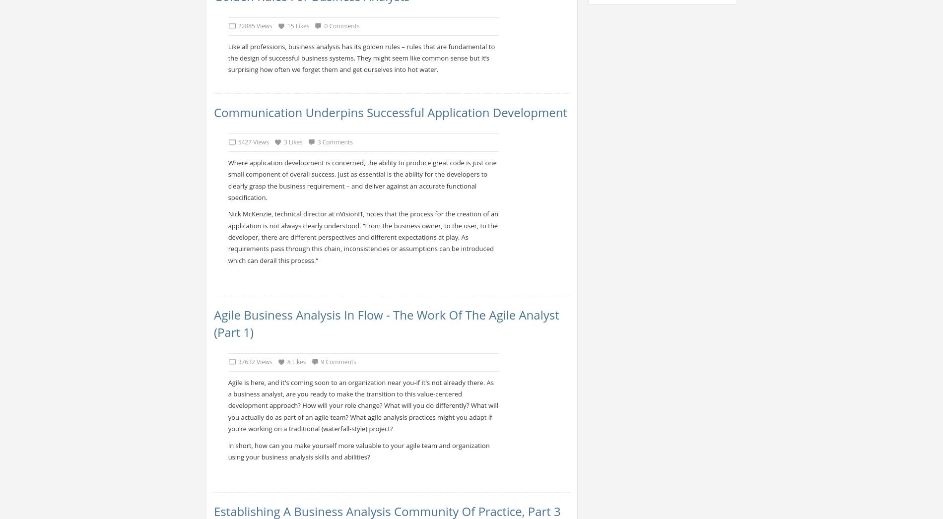 This screenshot has width=943, height=519. I want to click on 'Like all professions, business analysis has its golden rules – rules that are fundamental to the design of successful business systems. They might seem like common sense but it’s surprising how often we forget them and get ourselves into hot water.', so click(361, 57).